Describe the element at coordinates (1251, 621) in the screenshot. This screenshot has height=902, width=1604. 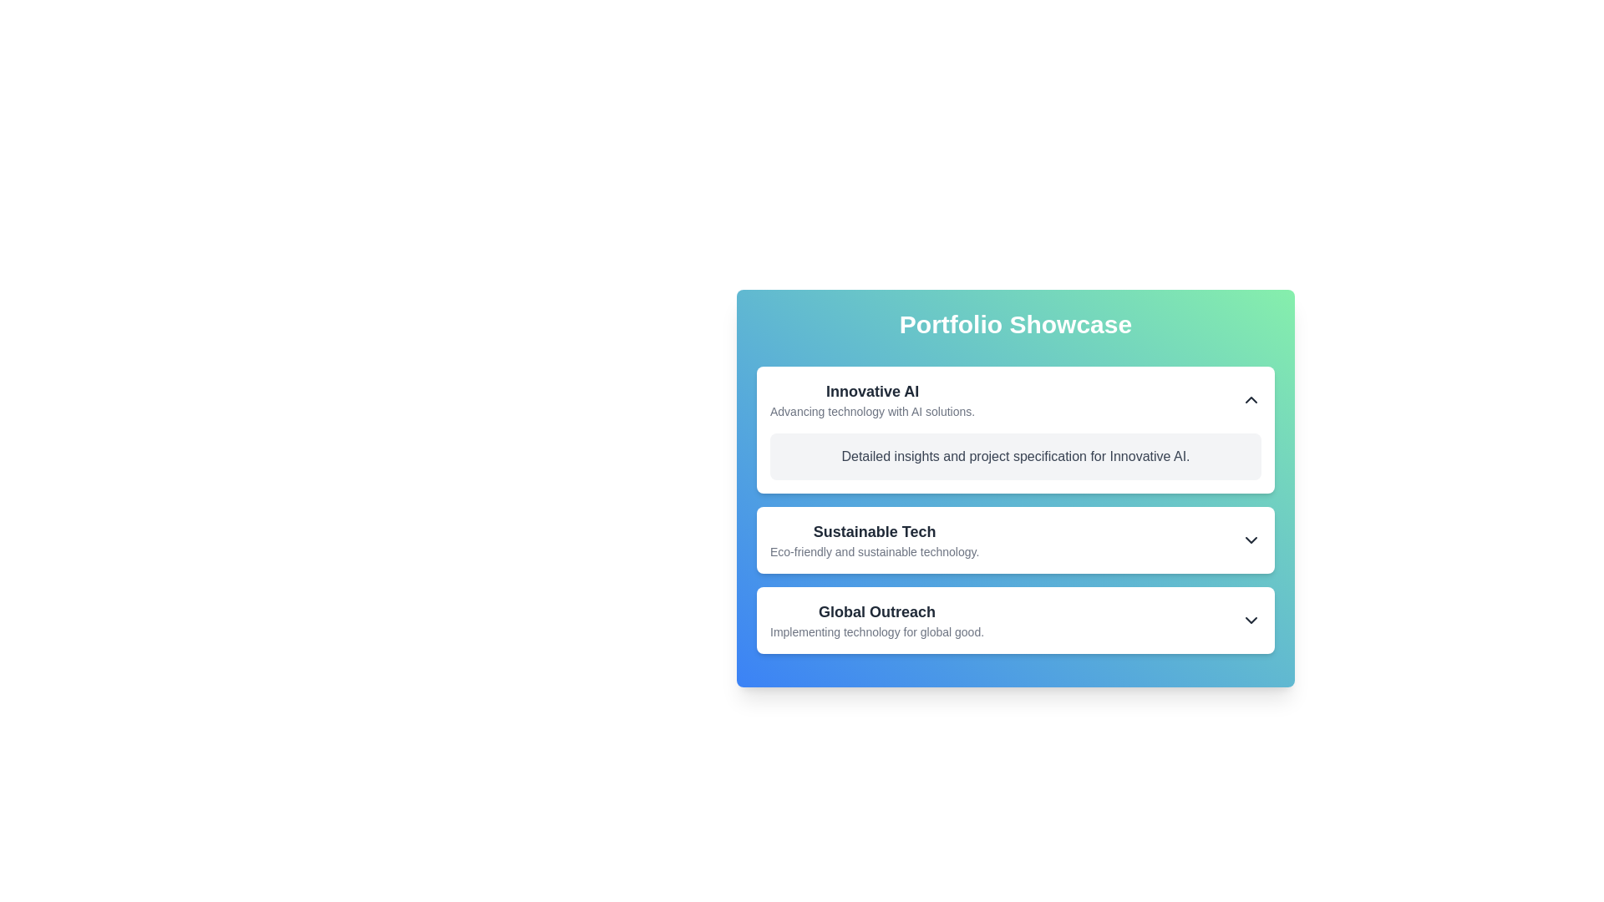
I see `the icon button resembling a downward-pointing chevron arrow located at the far right end near the text 'Global Outreach'` at that location.